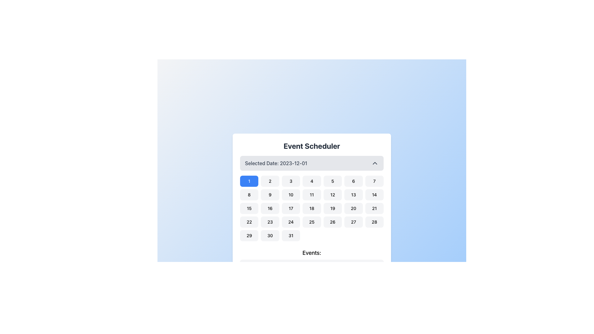 The image size is (594, 334). What do you see at coordinates (291, 236) in the screenshot?
I see `the rounded rectangular button with a light gray background and the bold number '31' centered` at bounding box center [291, 236].